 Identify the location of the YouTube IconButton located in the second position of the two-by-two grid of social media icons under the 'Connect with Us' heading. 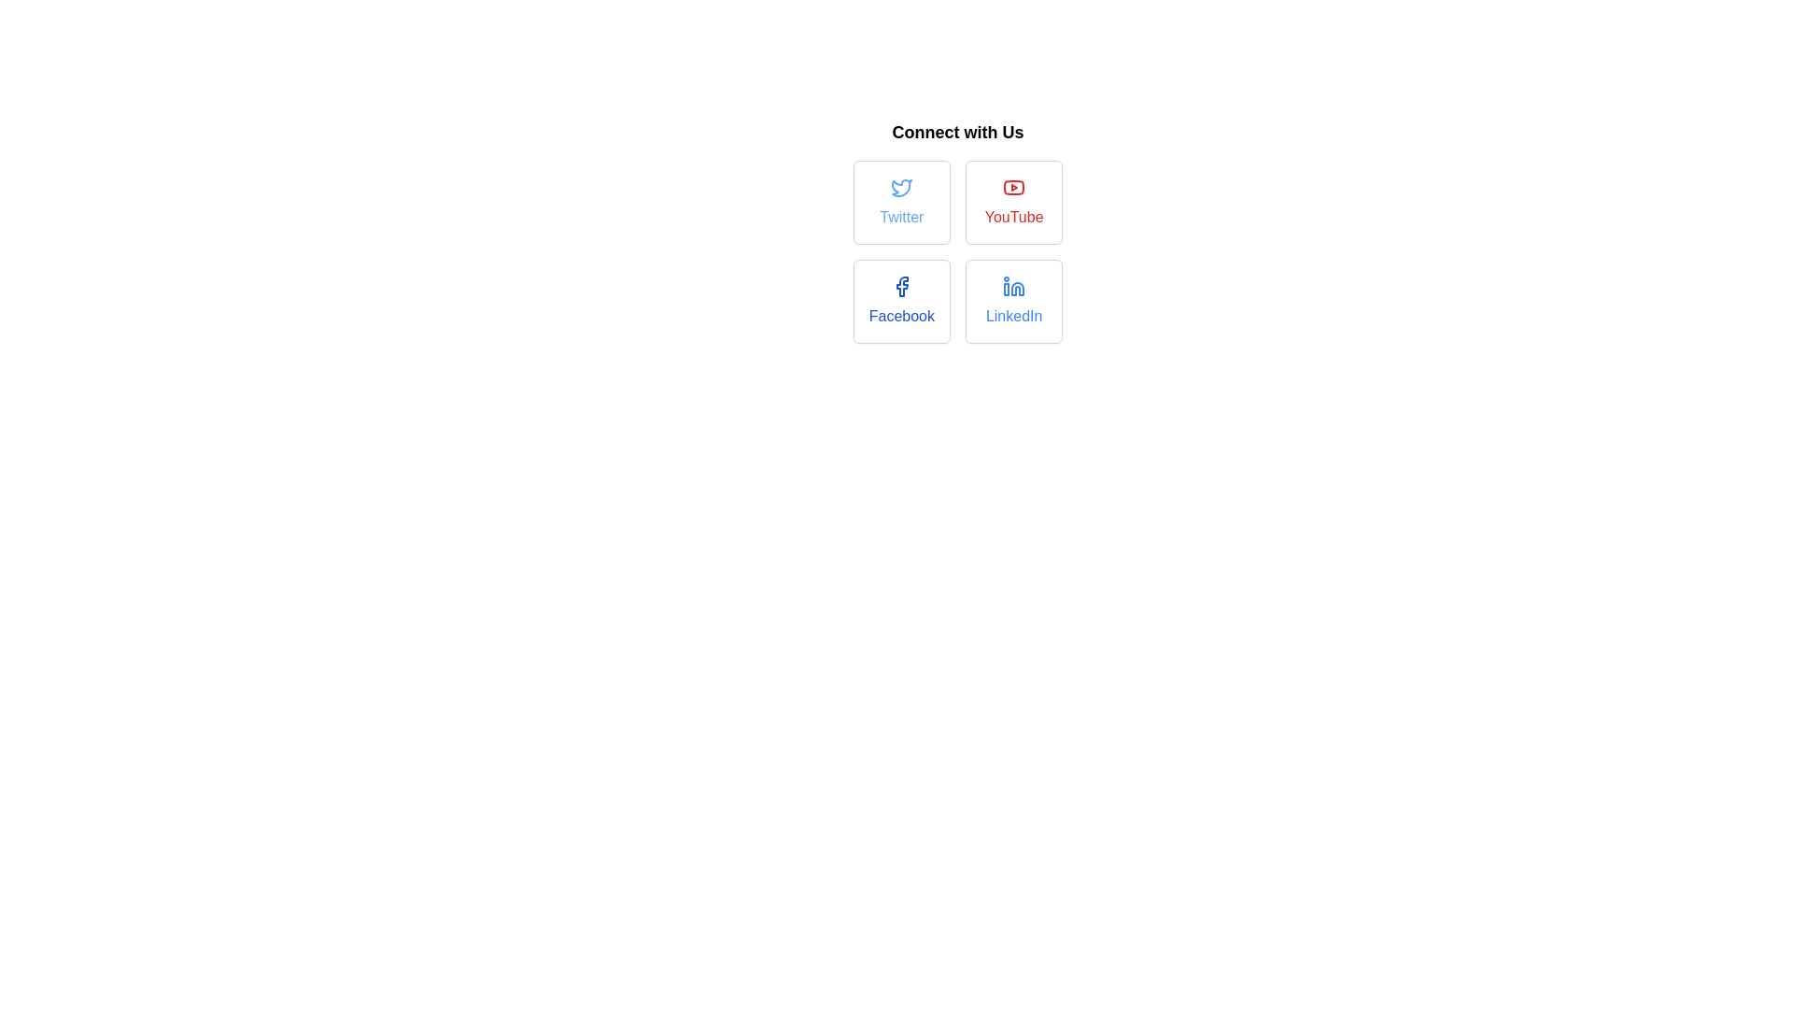
(1013, 187).